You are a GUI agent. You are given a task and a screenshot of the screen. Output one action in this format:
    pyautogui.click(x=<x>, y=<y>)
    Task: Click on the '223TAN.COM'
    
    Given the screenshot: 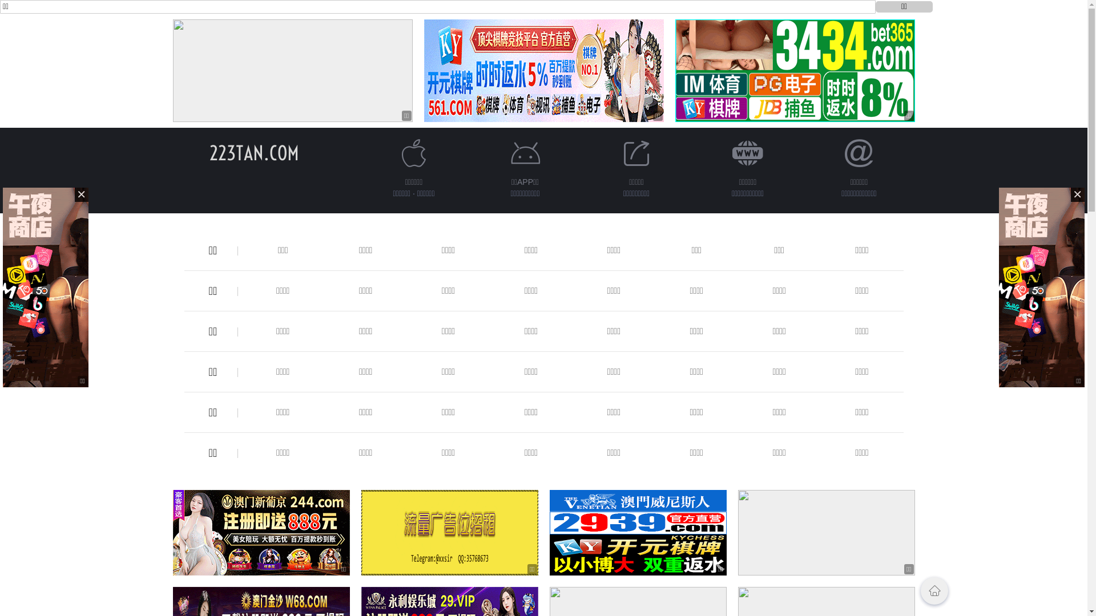 What is the action you would take?
    pyautogui.click(x=209, y=152)
    